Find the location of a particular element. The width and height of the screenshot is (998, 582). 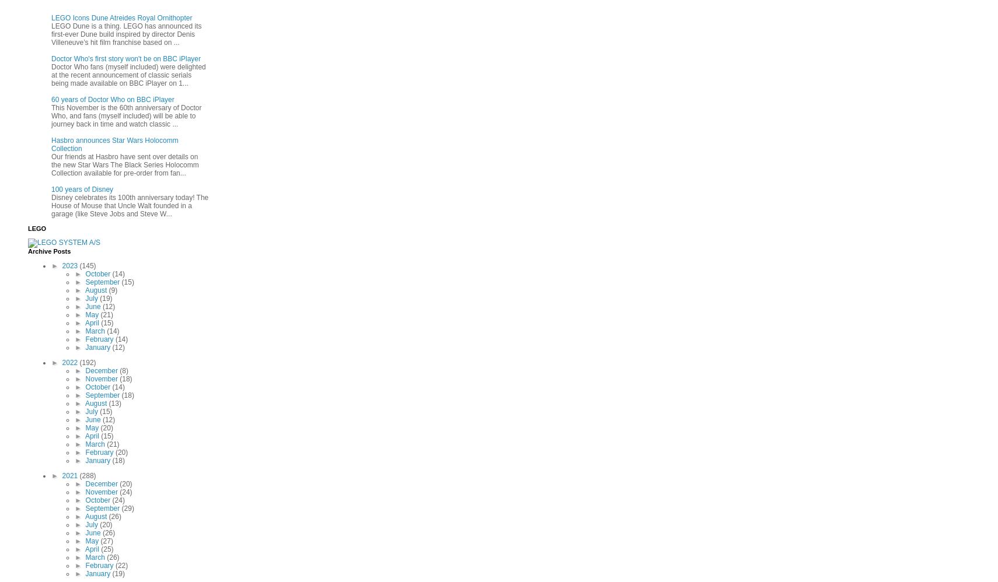

'Disney celebrates its 100th anniversary today!      The House of Mouse that Uncle Walt founded in a garage (like Steve Jobs and Steve W...' is located at coordinates (129, 205).